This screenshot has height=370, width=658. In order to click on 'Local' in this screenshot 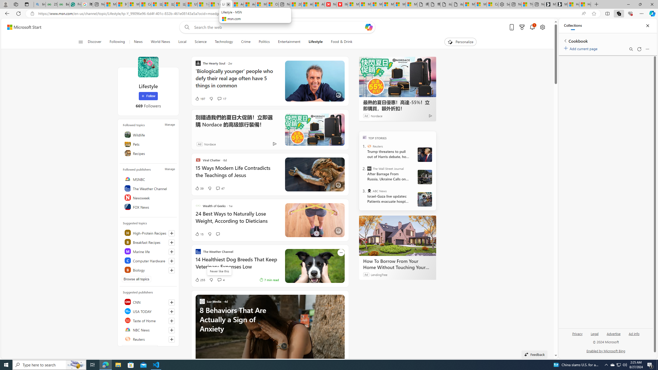, I will do `click(182, 42)`.